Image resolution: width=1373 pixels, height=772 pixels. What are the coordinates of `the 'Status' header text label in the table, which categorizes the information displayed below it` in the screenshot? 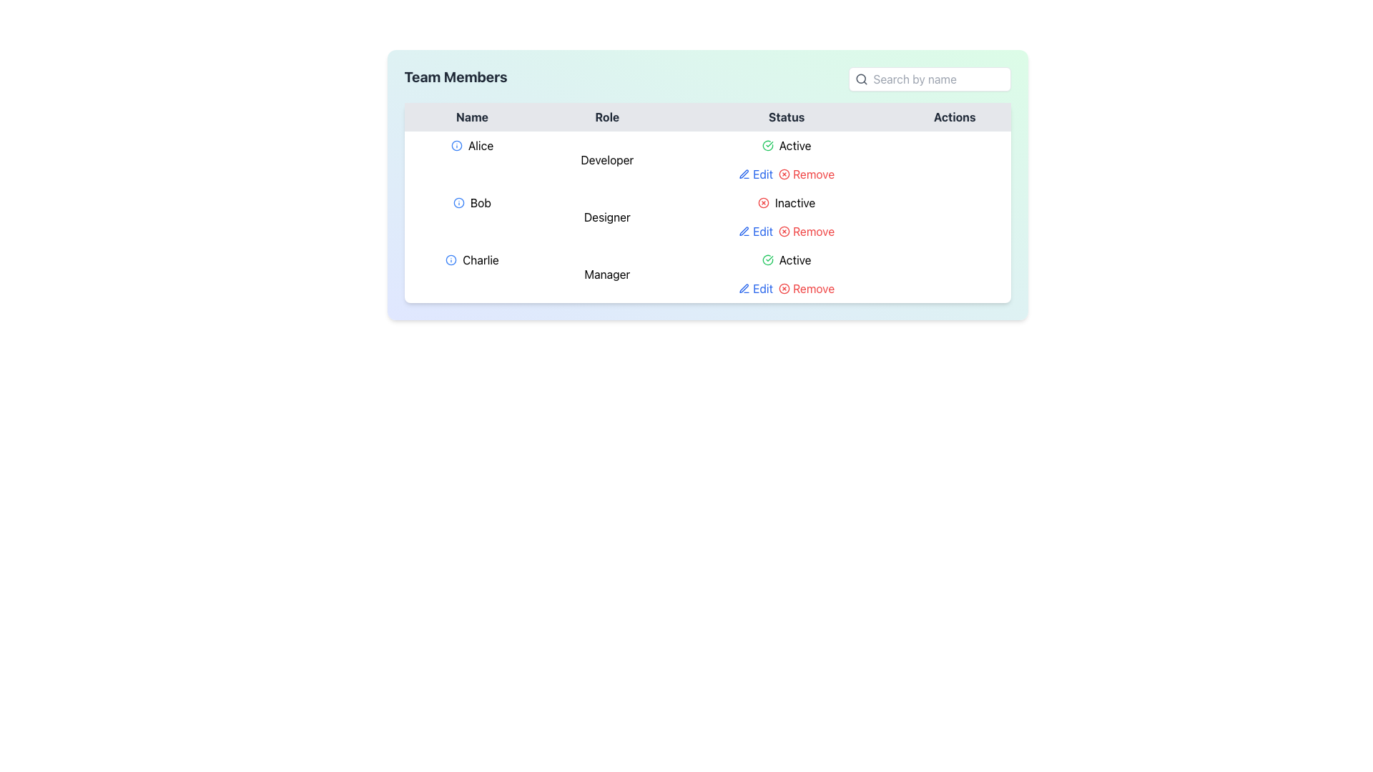 It's located at (786, 117).